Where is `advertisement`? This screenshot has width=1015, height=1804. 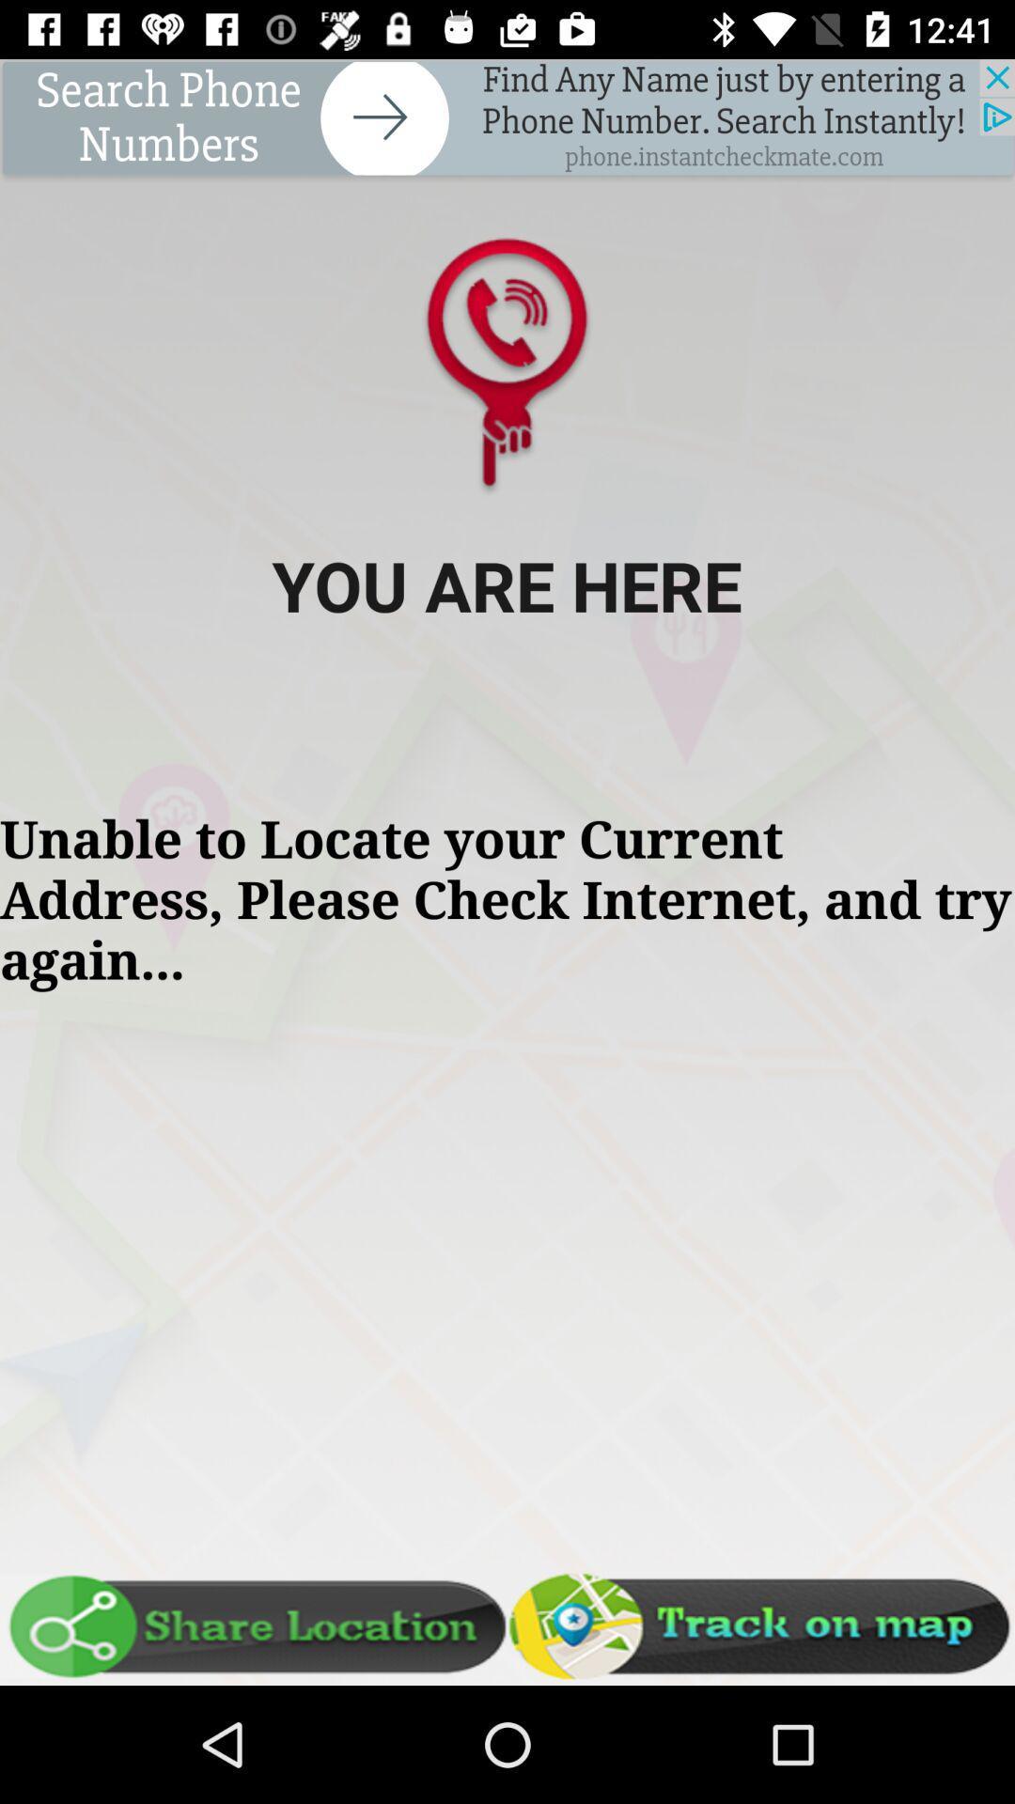
advertisement is located at coordinates (507, 119).